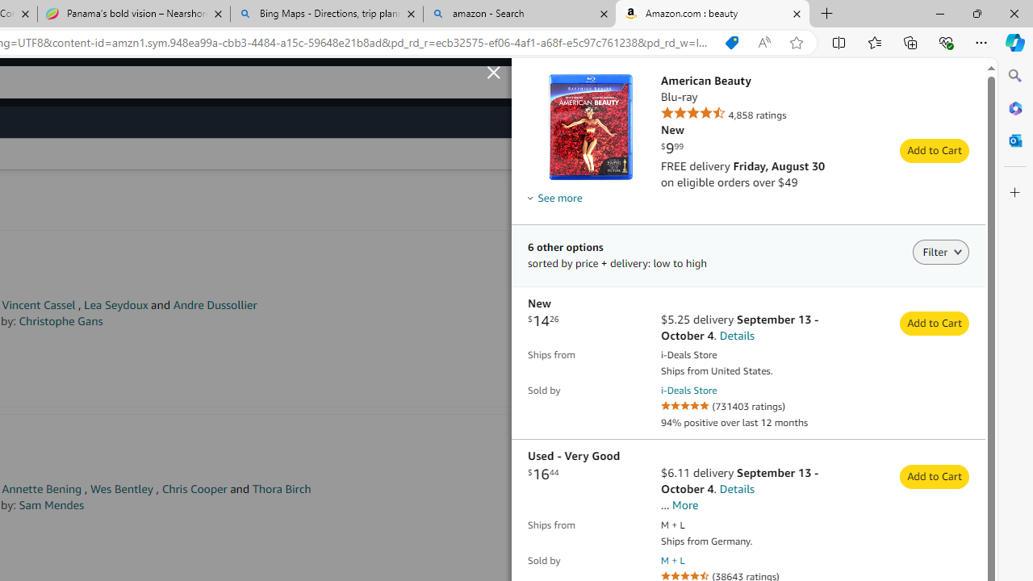  Describe the element at coordinates (981, 41) in the screenshot. I see `'Settings and more (Alt+F)'` at that location.